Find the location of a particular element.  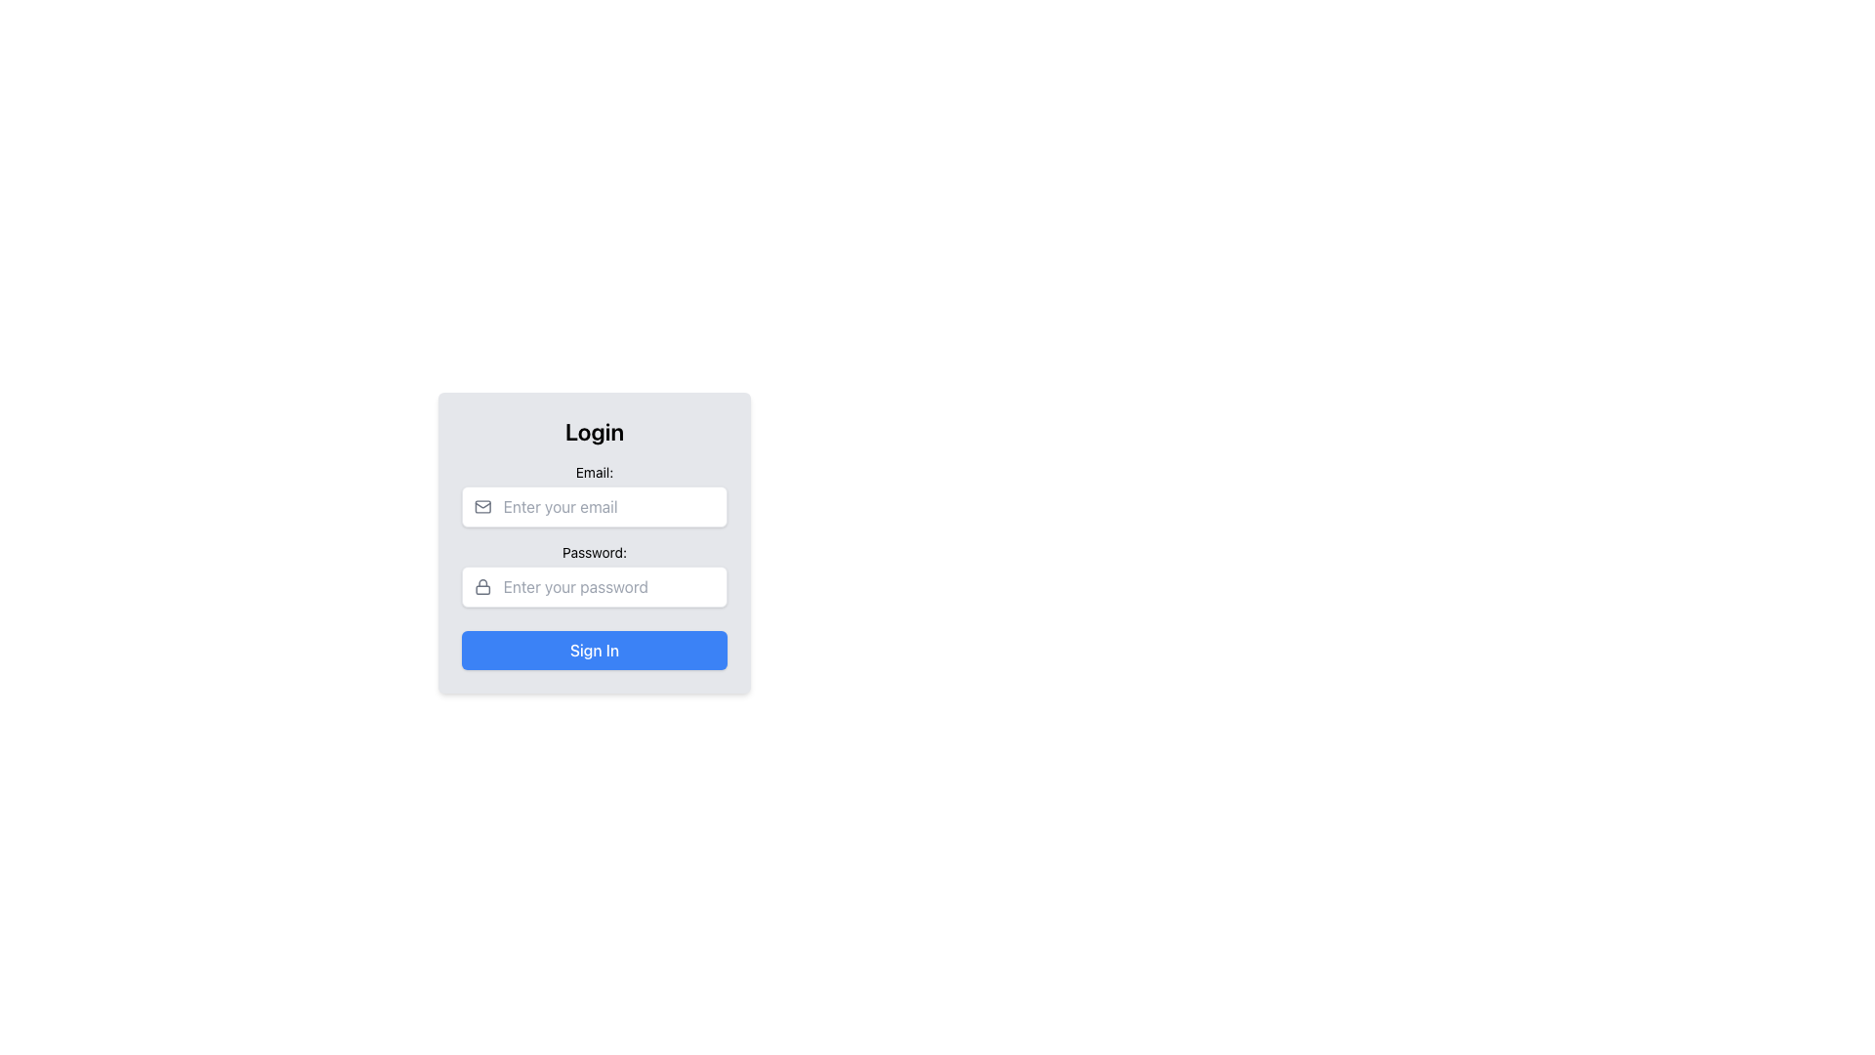

the email input field located below the 'Email:' label in the login form panel to focus on it for user input is located at coordinates (607, 506).